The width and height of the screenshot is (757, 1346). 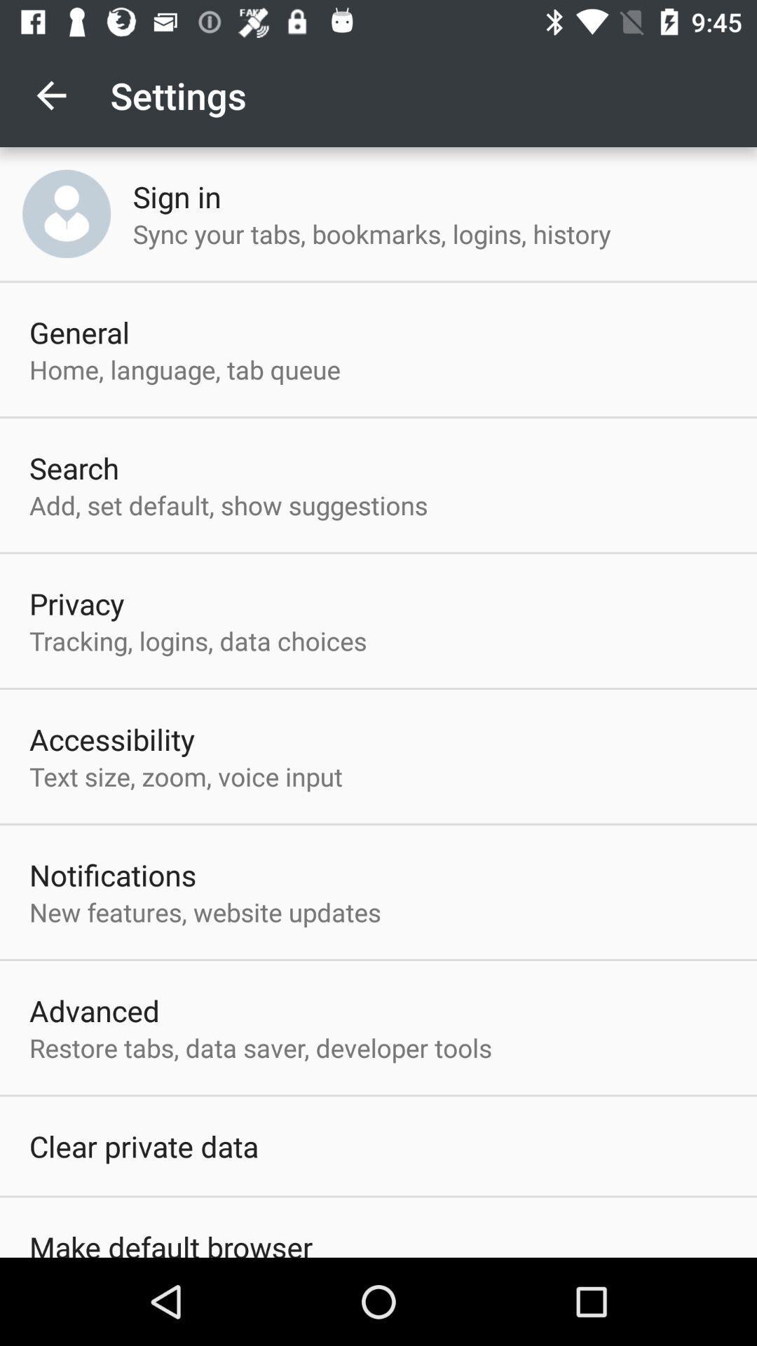 What do you see at coordinates (184, 369) in the screenshot?
I see `the item above search icon` at bounding box center [184, 369].